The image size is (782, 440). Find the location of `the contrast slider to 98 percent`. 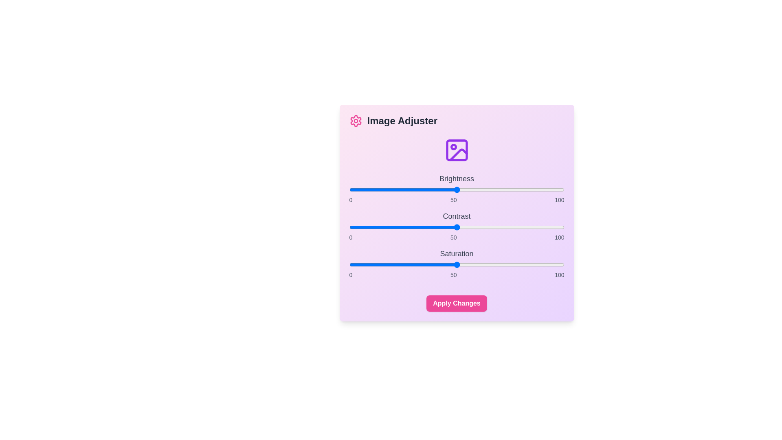

the contrast slider to 98 percent is located at coordinates (559, 227).